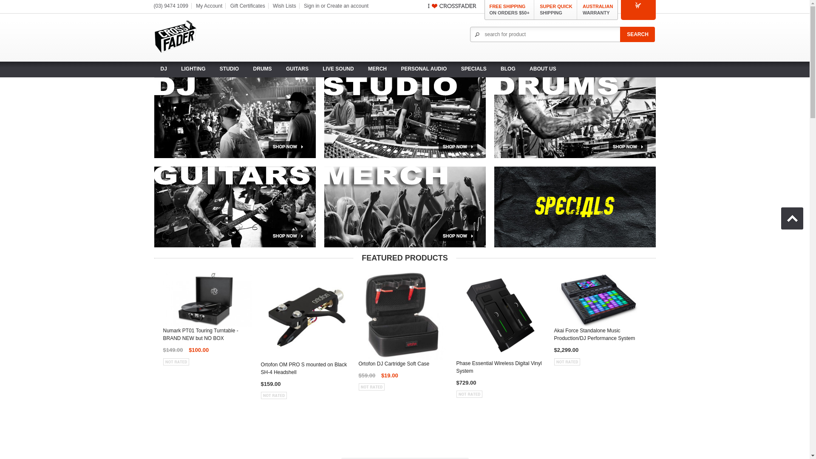 This screenshot has width=816, height=459. Describe the element at coordinates (297, 68) in the screenshot. I see `'GUITARS'` at that location.